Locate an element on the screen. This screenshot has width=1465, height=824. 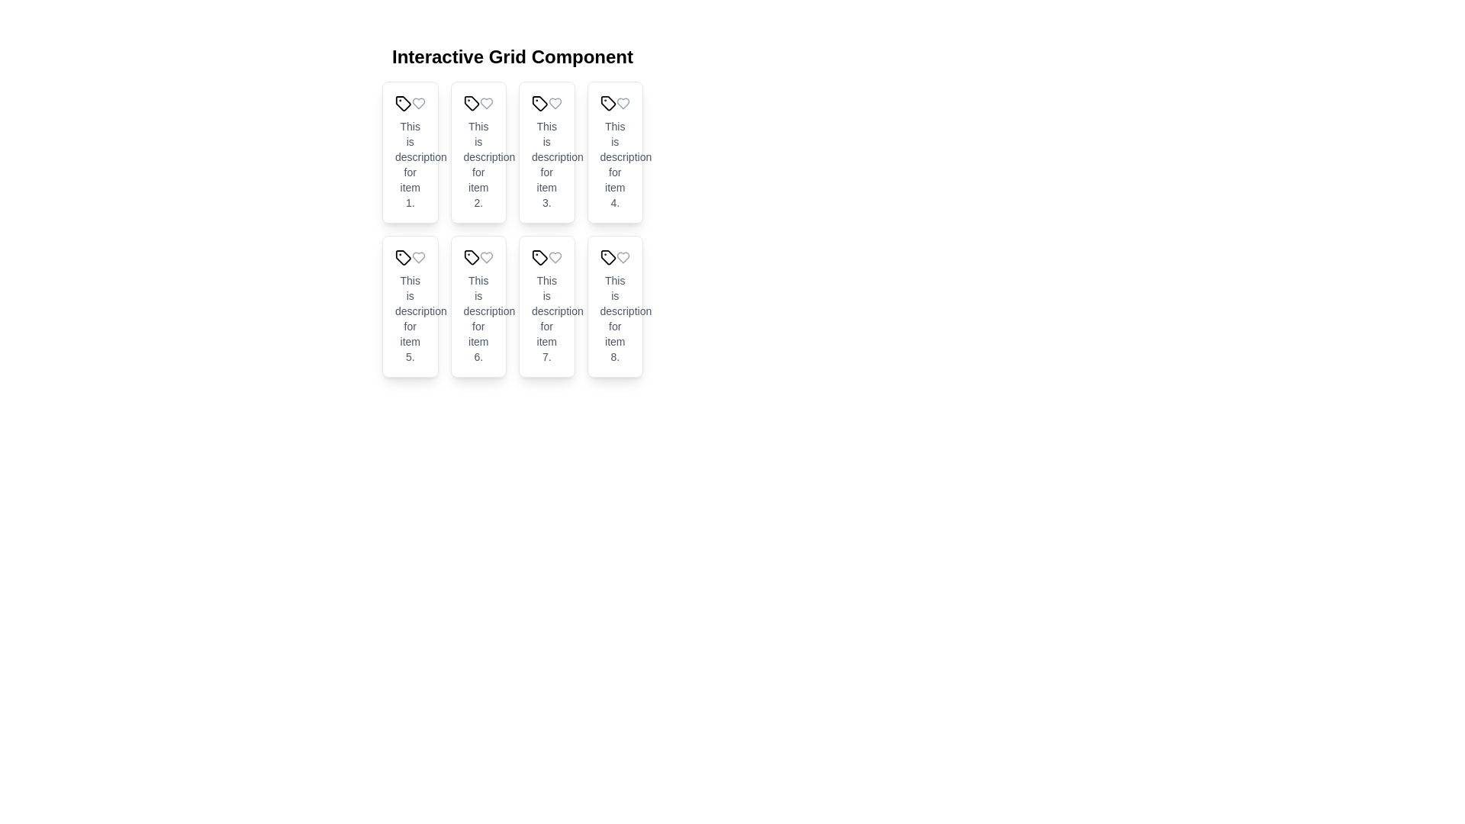
the heart icon located in the top-right corner of the third card in a grid of eight cards is located at coordinates (554, 103).